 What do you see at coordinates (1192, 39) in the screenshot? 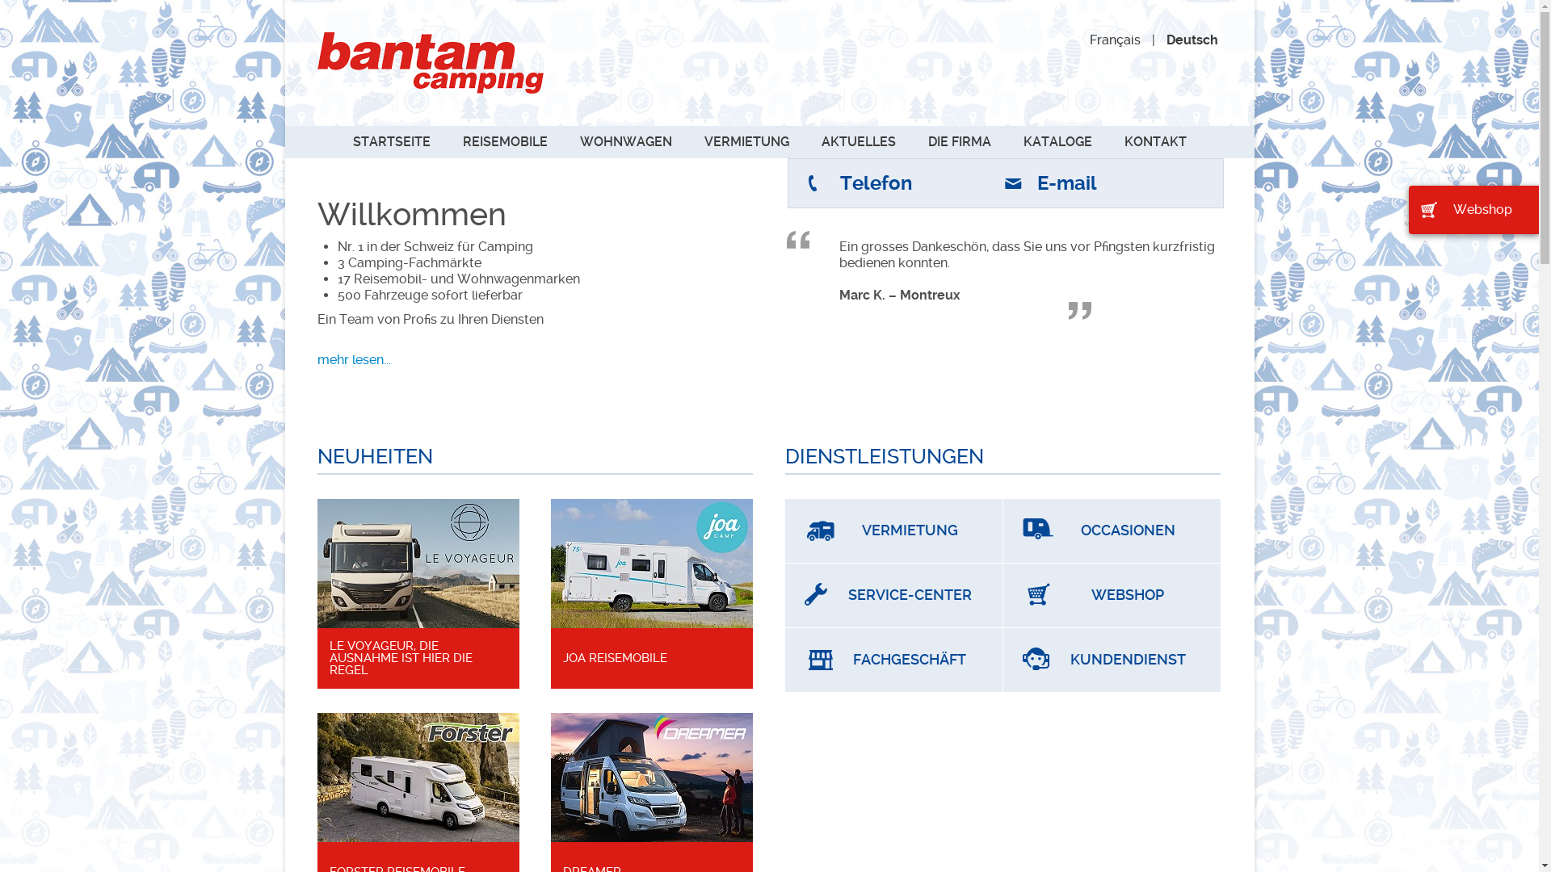
I see `'Deutsch'` at bounding box center [1192, 39].